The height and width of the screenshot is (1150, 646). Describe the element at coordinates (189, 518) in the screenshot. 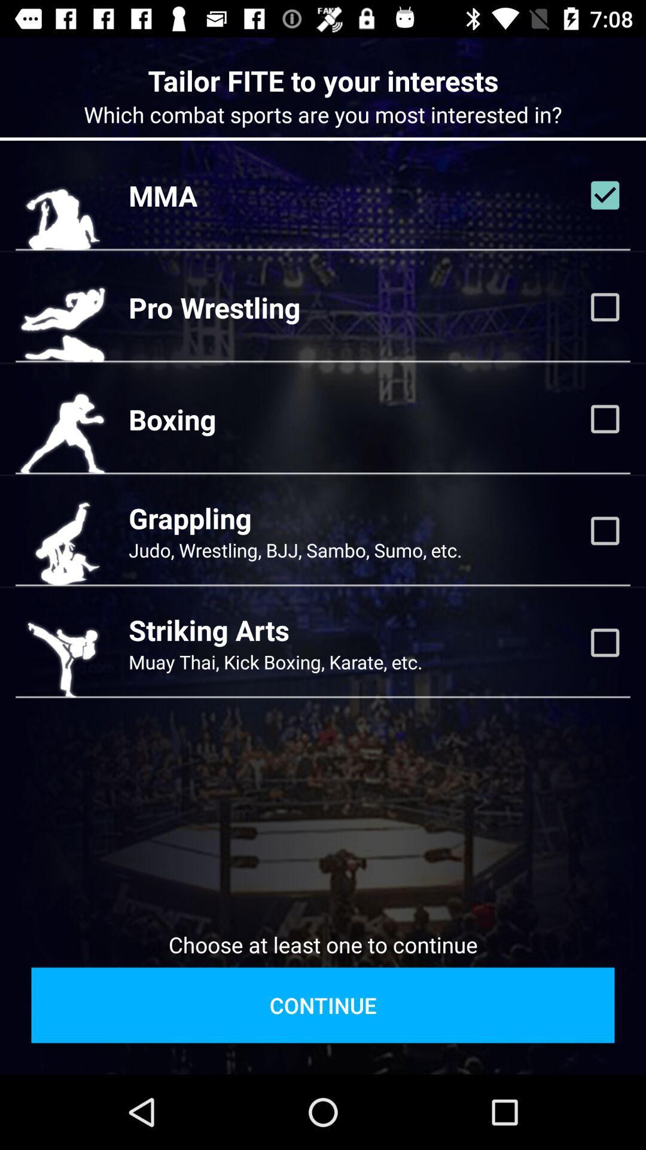

I see `the grappling icon` at that location.